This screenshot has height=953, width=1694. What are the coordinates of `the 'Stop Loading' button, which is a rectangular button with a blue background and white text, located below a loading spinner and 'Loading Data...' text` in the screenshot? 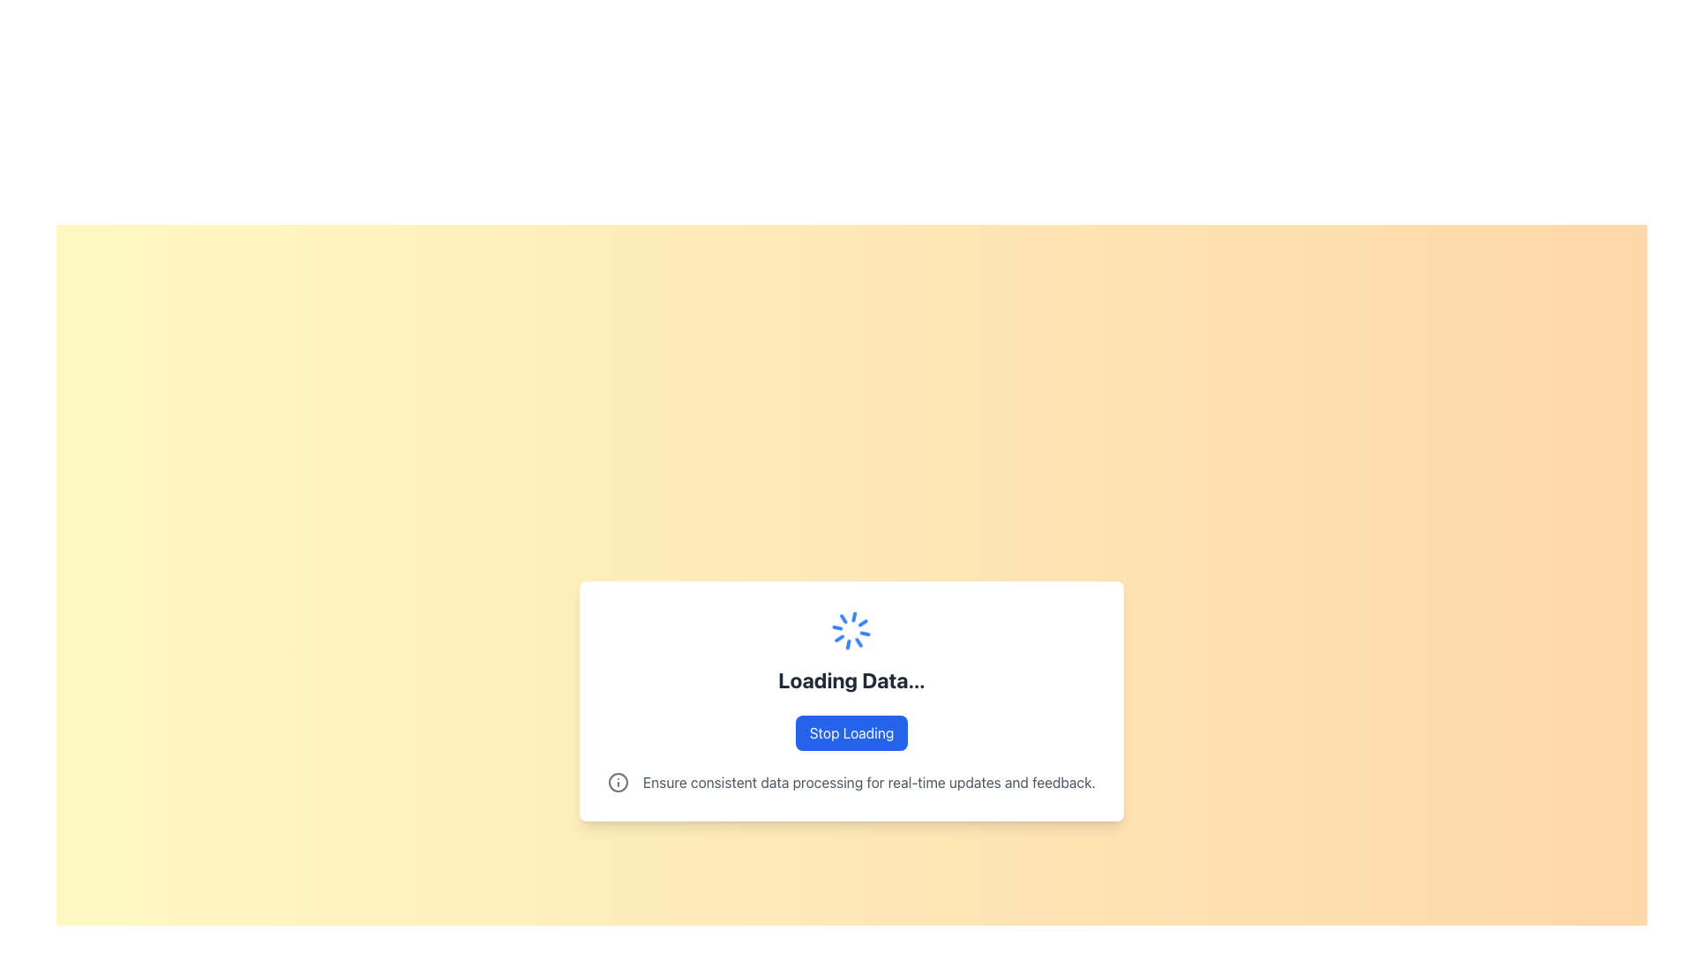 It's located at (851, 732).